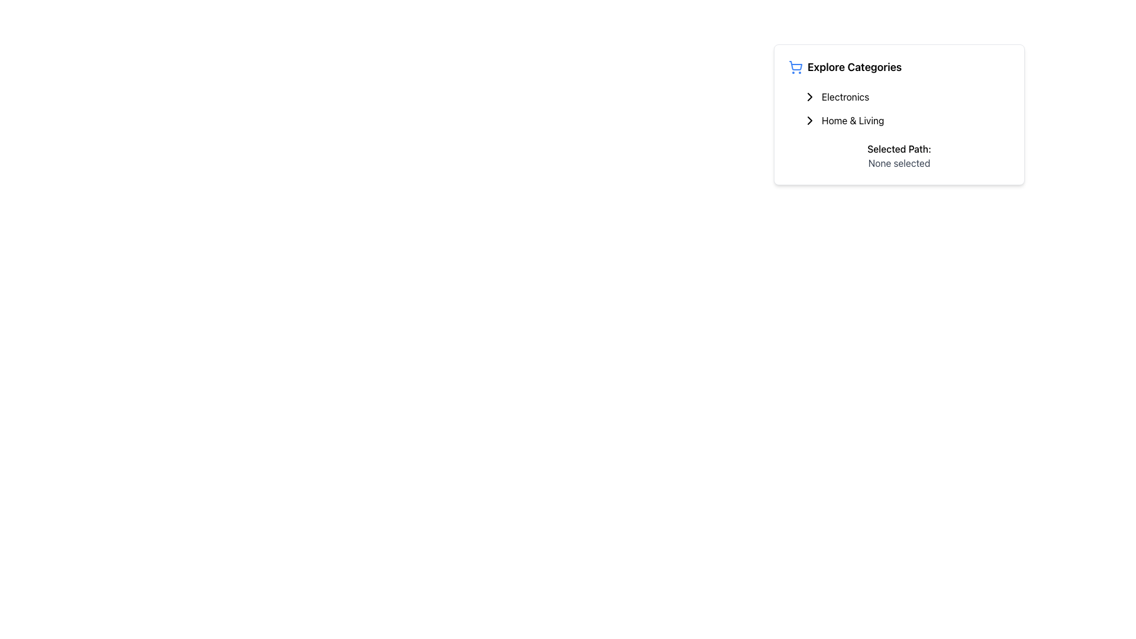 The height and width of the screenshot is (639, 1136). I want to click on the 'Home & Living' navigation link element, which is the second item in the 'Explore Categories' list, so click(903, 121).